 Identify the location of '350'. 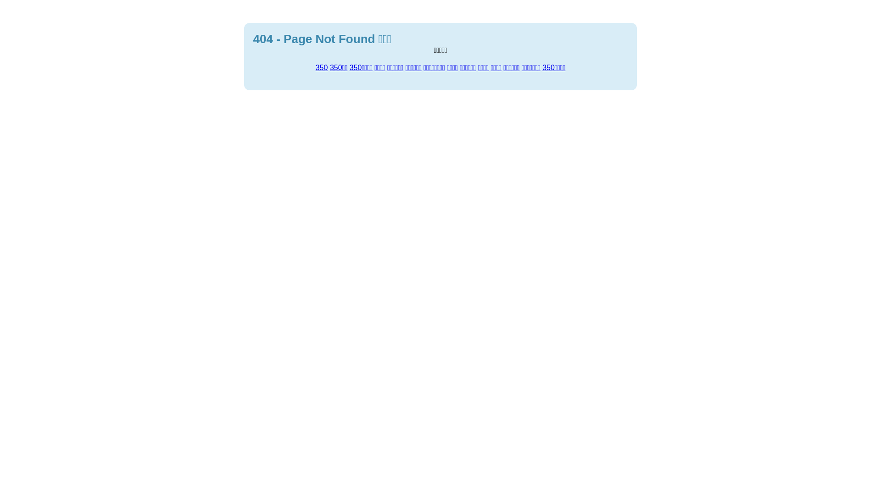
(322, 67).